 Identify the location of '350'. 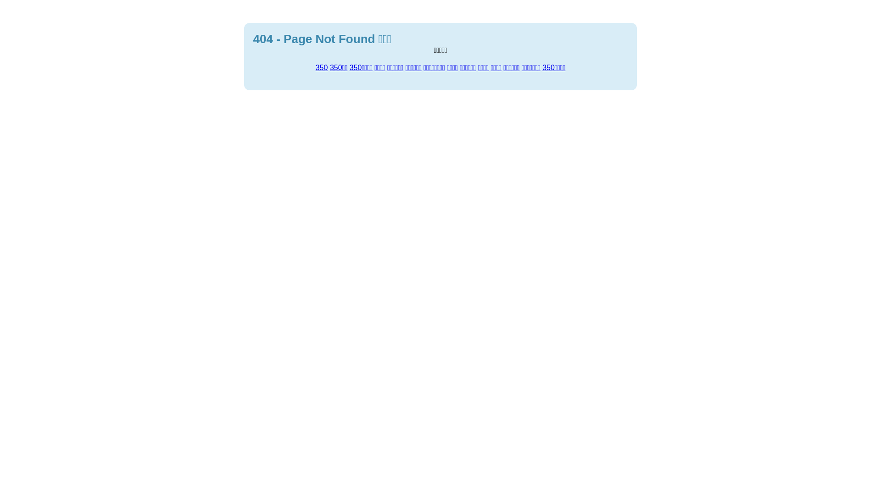
(322, 67).